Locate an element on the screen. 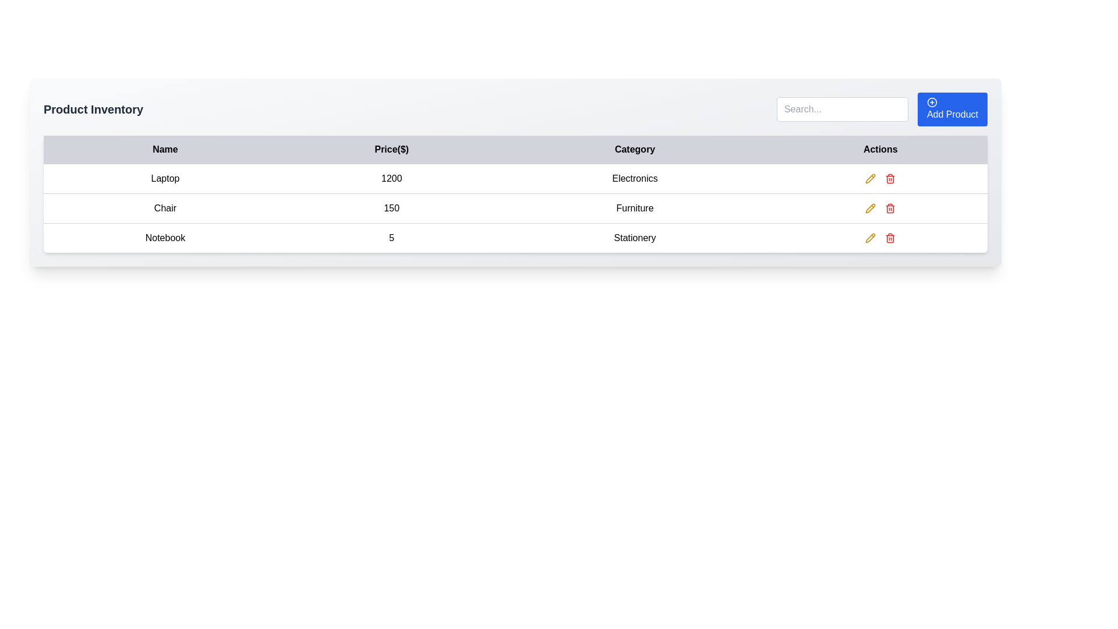 This screenshot has width=1118, height=629. the table header displaying 'Price($)' with a gray background and black text, which is positioned second from the left in the header row of the table is located at coordinates (391, 149).